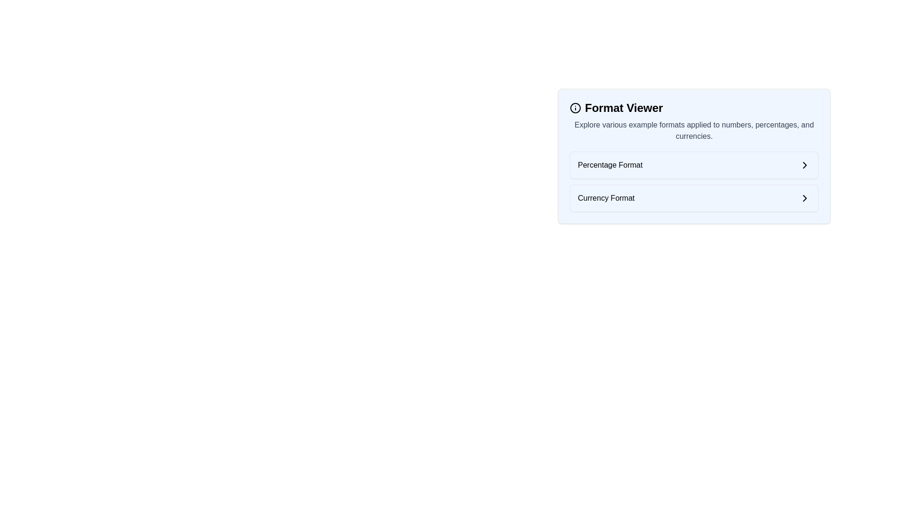  Describe the element at coordinates (694, 165) in the screenshot. I see `to select the list item titled 'Percentage Format' located within the Format Viewer section` at that location.